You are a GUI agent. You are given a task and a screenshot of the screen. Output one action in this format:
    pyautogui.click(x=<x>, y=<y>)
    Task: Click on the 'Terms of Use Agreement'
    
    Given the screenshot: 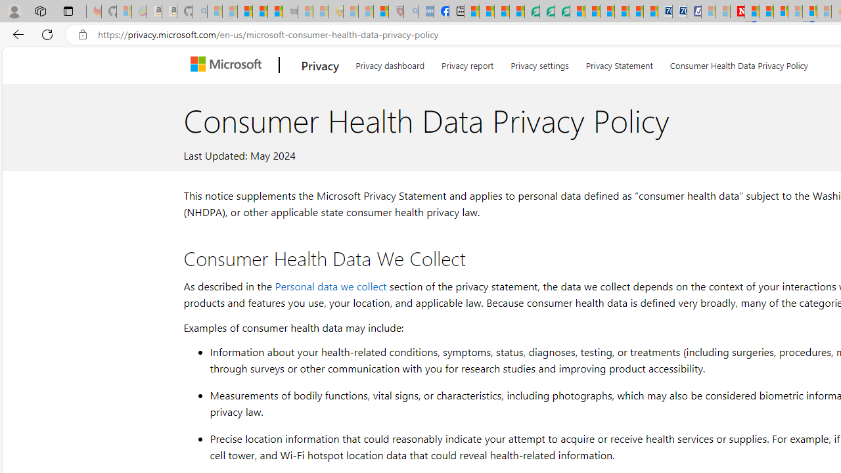 What is the action you would take?
    pyautogui.click(x=547, y=11)
    